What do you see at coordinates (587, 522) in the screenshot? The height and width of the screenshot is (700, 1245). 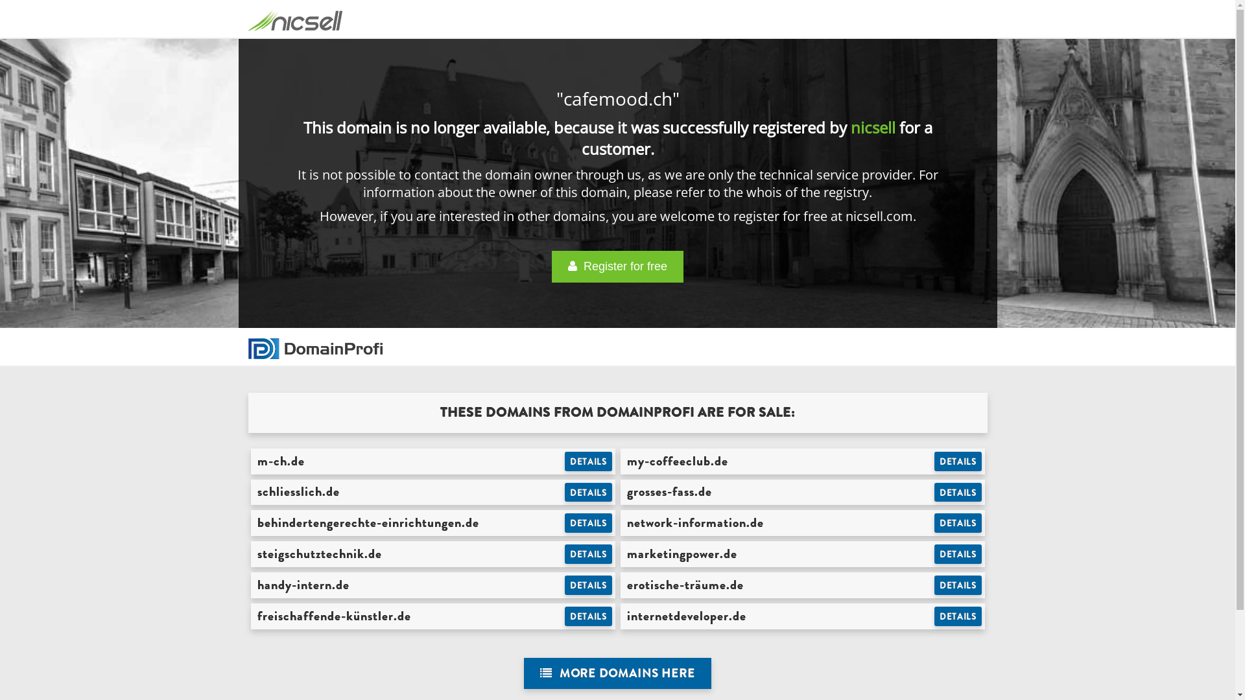 I see `'DETAILS'` at bounding box center [587, 522].